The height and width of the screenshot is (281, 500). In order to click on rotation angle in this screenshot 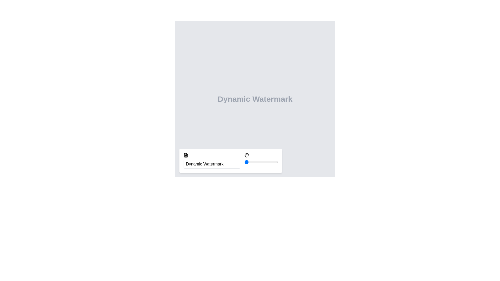, I will do `click(271, 162)`.